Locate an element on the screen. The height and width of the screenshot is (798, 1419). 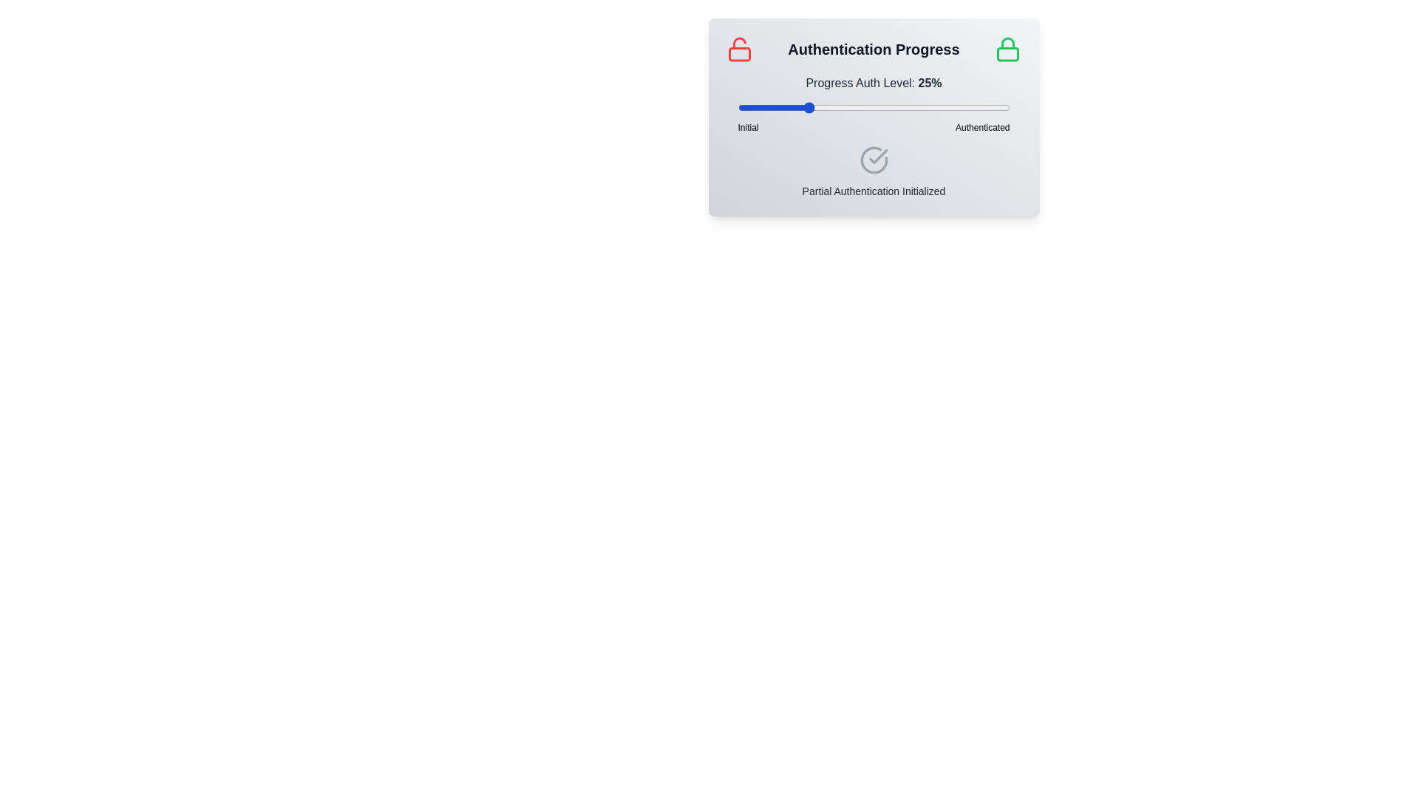
the slider to set the authentication level to 93 is located at coordinates (990, 107).